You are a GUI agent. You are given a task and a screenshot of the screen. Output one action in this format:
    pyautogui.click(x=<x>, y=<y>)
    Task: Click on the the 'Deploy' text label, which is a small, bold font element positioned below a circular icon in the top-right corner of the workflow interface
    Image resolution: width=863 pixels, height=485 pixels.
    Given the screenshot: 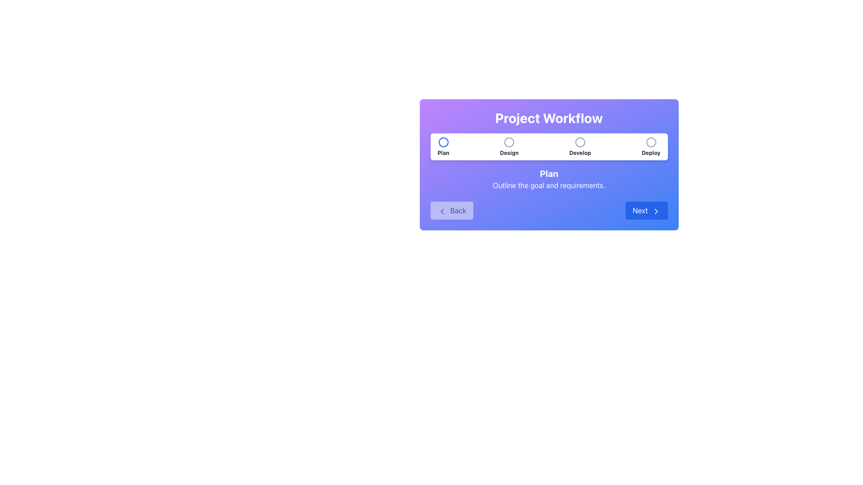 What is the action you would take?
    pyautogui.click(x=651, y=152)
    